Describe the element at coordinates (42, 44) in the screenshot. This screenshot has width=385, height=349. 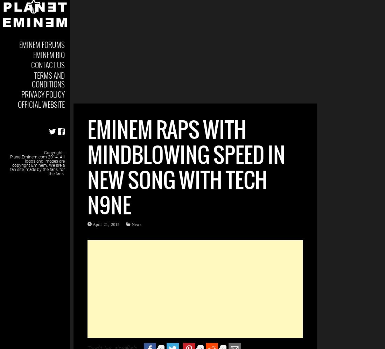
I see `'Eminem Forums'` at that location.